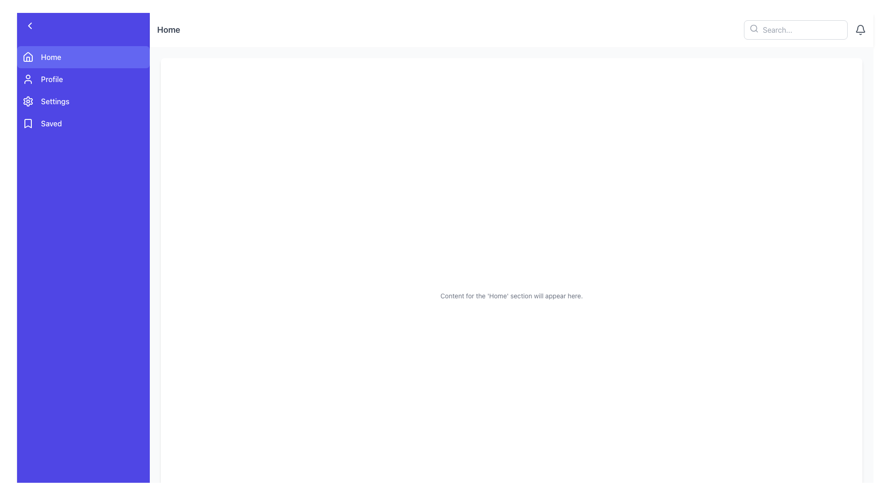 This screenshot has width=885, height=498. What do you see at coordinates (28, 57) in the screenshot?
I see `the 'Home' menu icon located in the top section of the left sidebar` at bounding box center [28, 57].